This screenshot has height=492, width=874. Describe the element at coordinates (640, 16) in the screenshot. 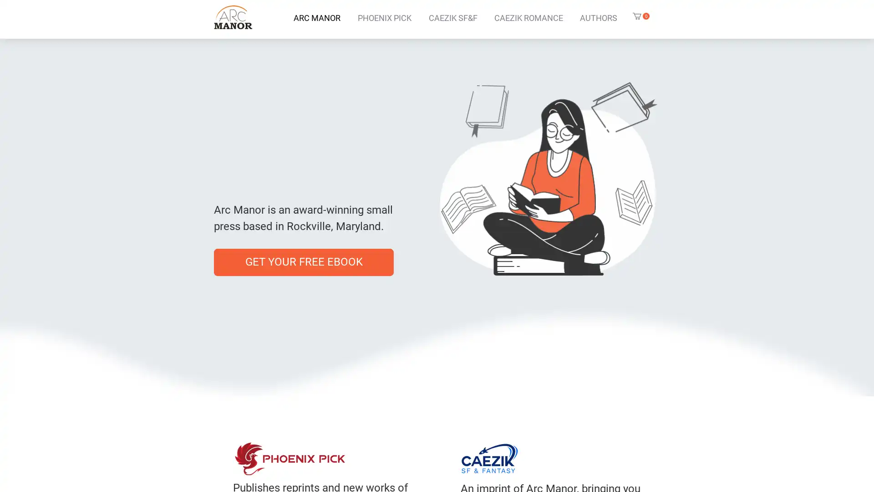

I see `Cart with 0 items` at that location.